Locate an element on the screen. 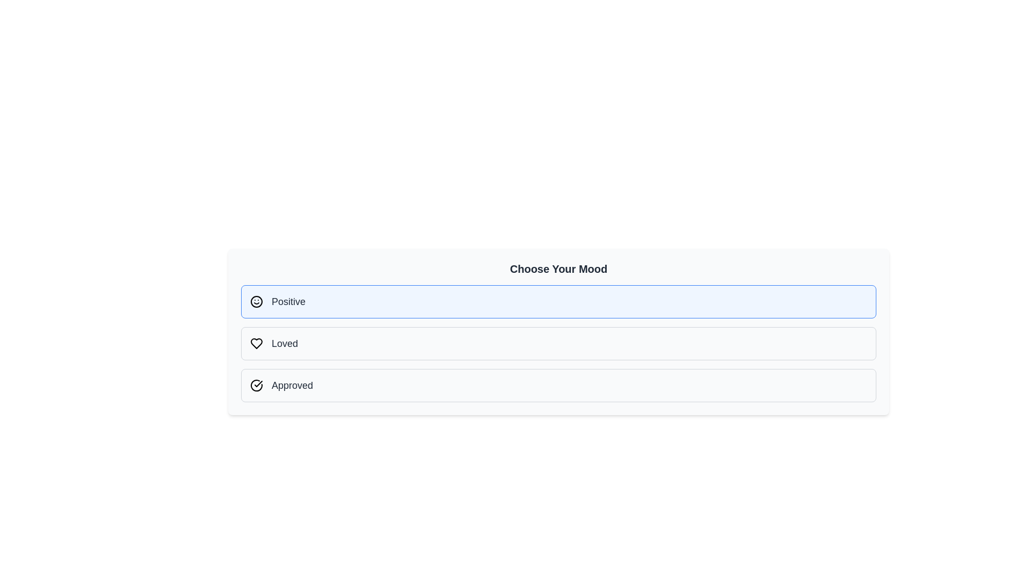 The width and height of the screenshot is (1031, 580). the circular smiling face icon located to the left of the 'Positive' button in the mood selection interface is located at coordinates (256, 302).